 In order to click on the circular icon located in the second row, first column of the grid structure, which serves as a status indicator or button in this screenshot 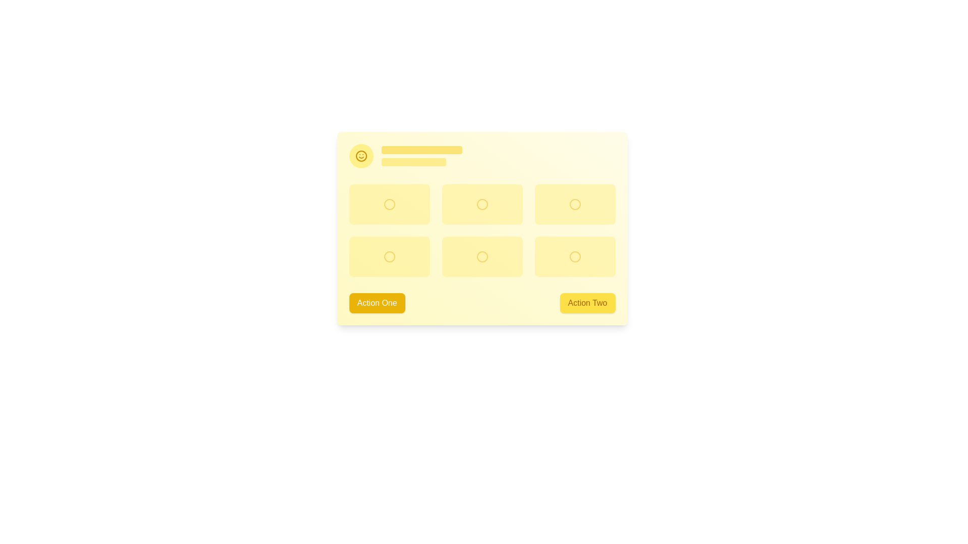, I will do `click(389, 256)`.